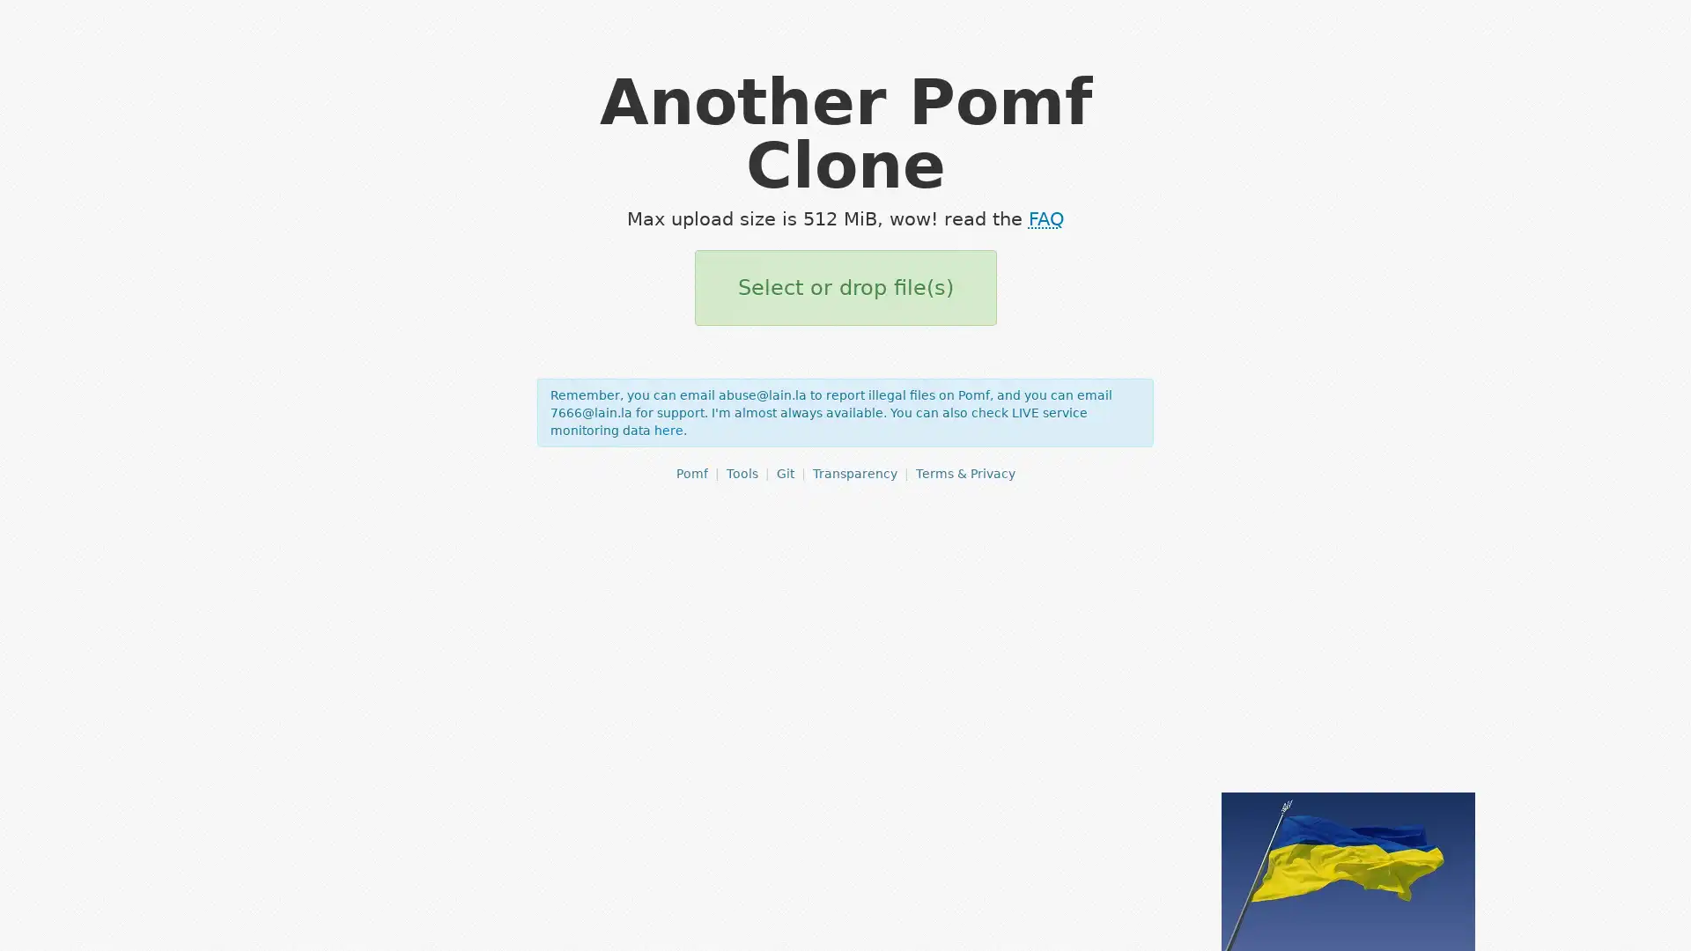  Describe the element at coordinates (844, 287) in the screenshot. I see `Select or drop file(s)` at that location.